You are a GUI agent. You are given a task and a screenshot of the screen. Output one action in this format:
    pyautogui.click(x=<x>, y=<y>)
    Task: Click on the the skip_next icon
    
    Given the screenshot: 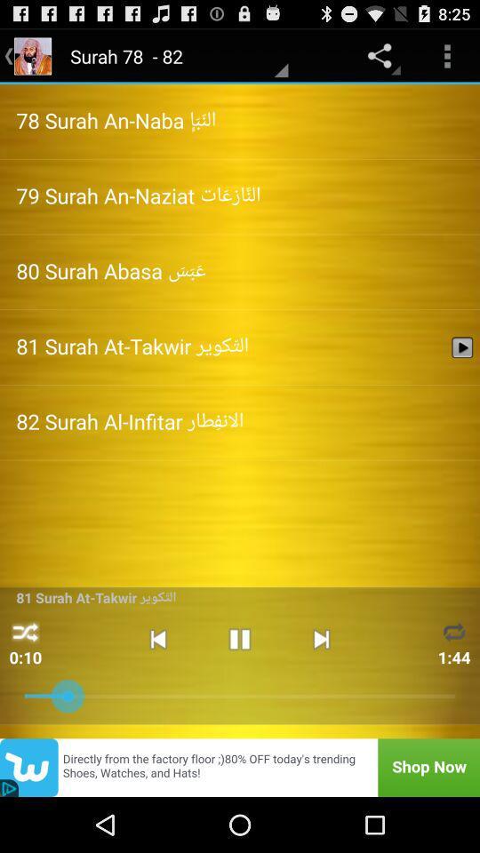 What is the action you would take?
    pyautogui.click(x=320, y=682)
    